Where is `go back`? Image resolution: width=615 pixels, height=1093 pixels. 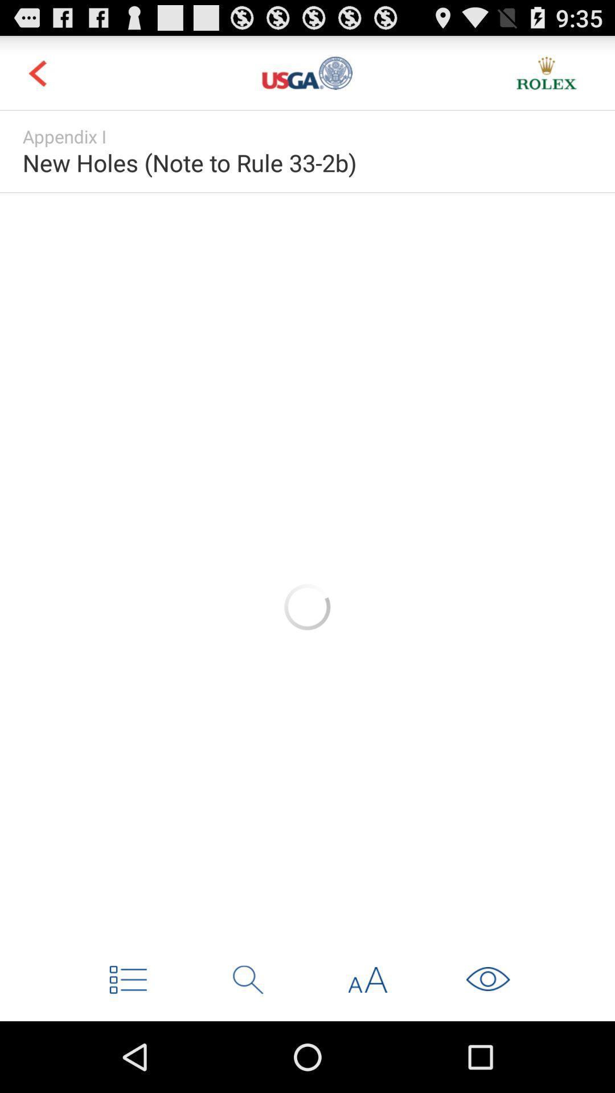 go back is located at coordinates (36, 72).